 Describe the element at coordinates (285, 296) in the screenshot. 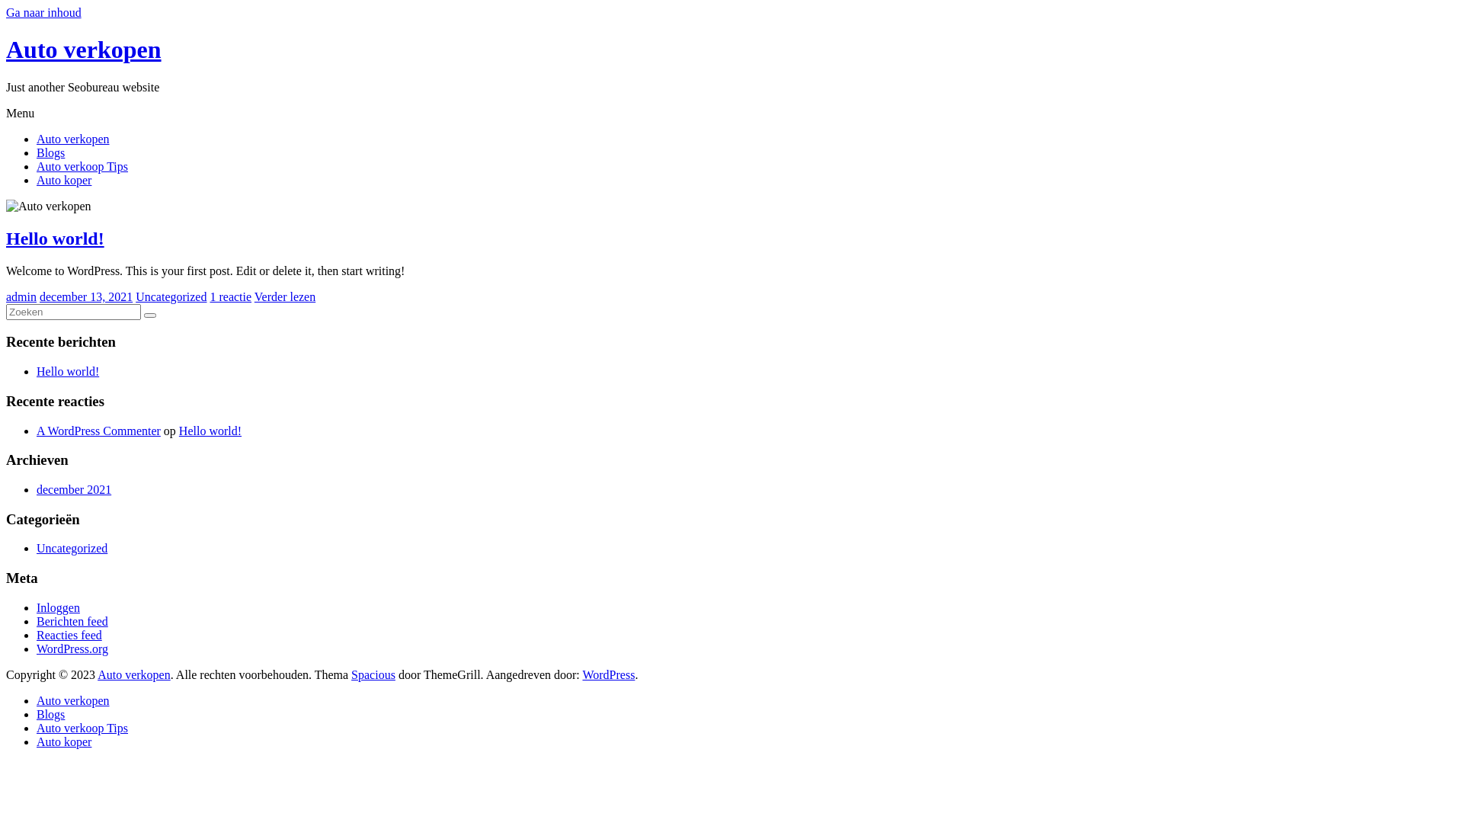

I see `'Verder lezen'` at that location.